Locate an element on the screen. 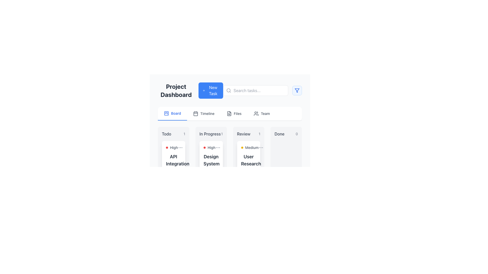 Image resolution: width=488 pixels, height=274 pixels. the 'Review' text label, which is a medium-sized, bold, gray text with slight transparency located in the 'In Progress' section of the dashboard is located at coordinates (243, 134).